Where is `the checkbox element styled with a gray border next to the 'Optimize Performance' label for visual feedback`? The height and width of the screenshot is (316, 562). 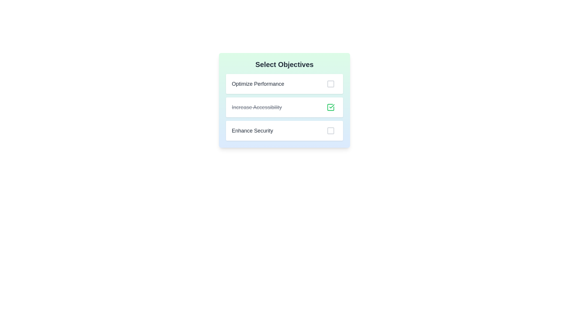
the checkbox element styled with a gray border next to the 'Optimize Performance' label for visual feedback is located at coordinates (330, 84).